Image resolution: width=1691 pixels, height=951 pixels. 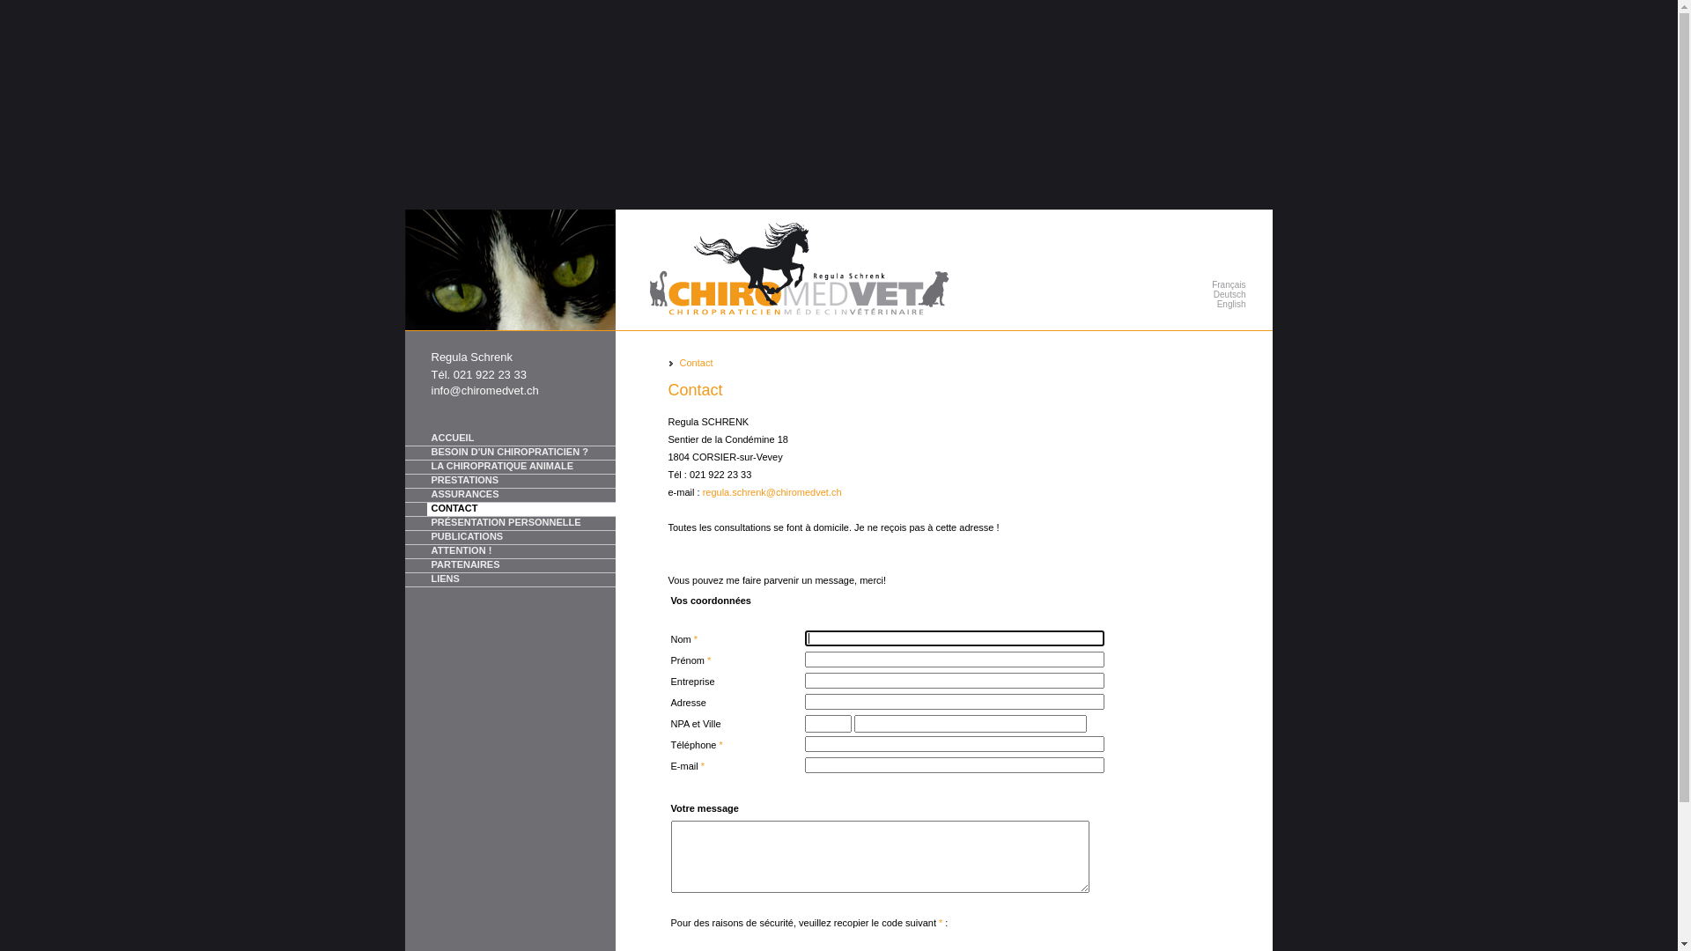 What do you see at coordinates (509, 580) in the screenshot?
I see `'LIENS'` at bounding box center [509, 580].